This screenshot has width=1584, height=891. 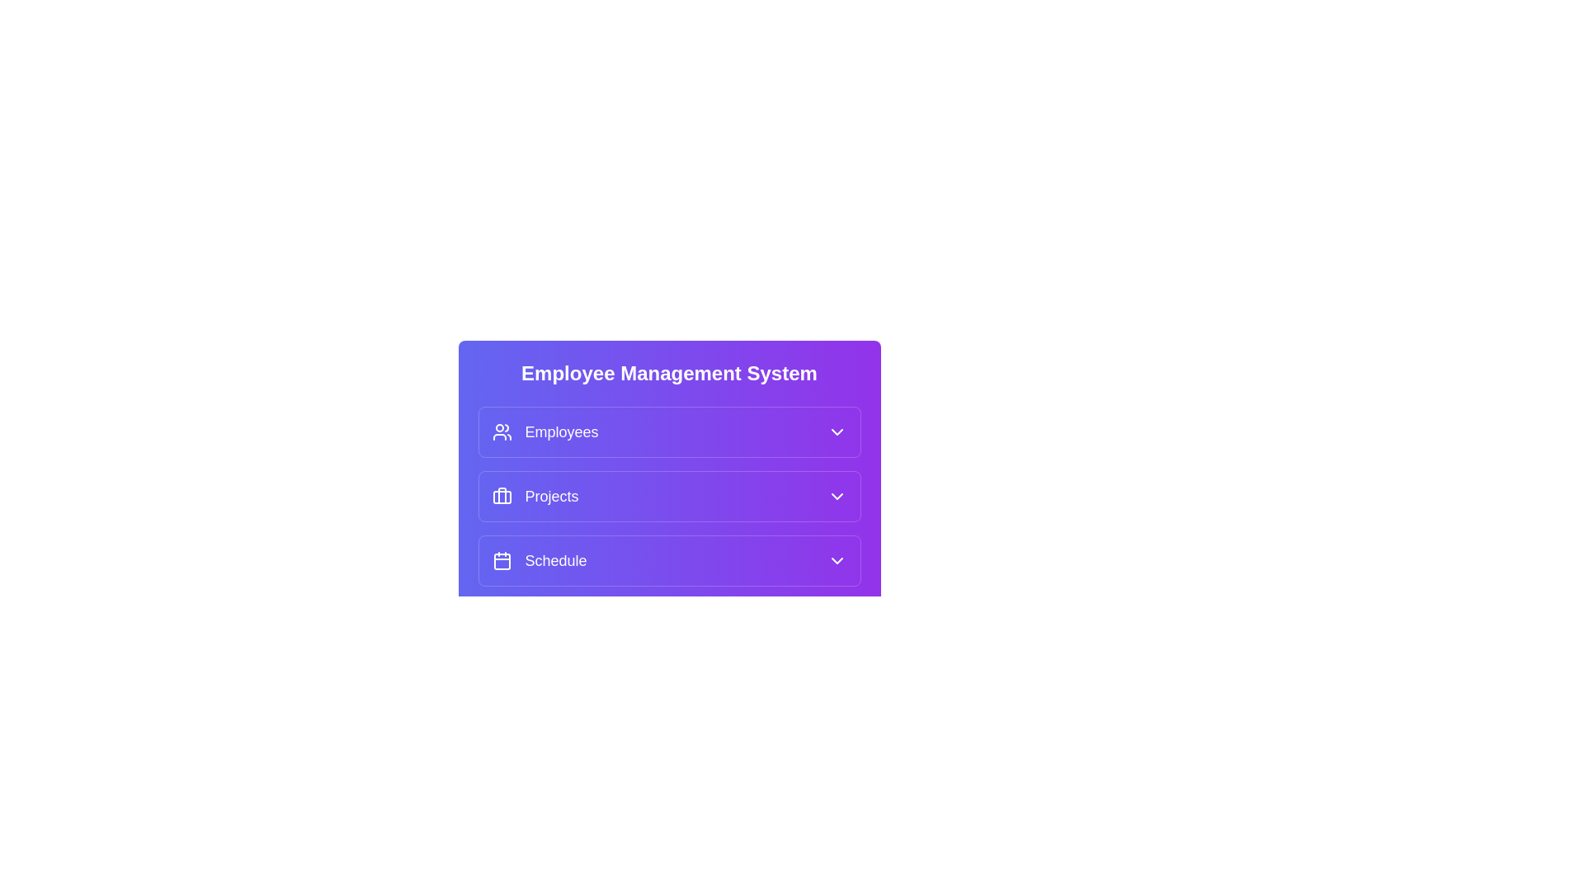 I want to click on the user group icon located on the leftmost side of the 'Employees' row, which is represented by two overlapping circular shapes with a bold outline on a purple background, so click(x=501, y=431).